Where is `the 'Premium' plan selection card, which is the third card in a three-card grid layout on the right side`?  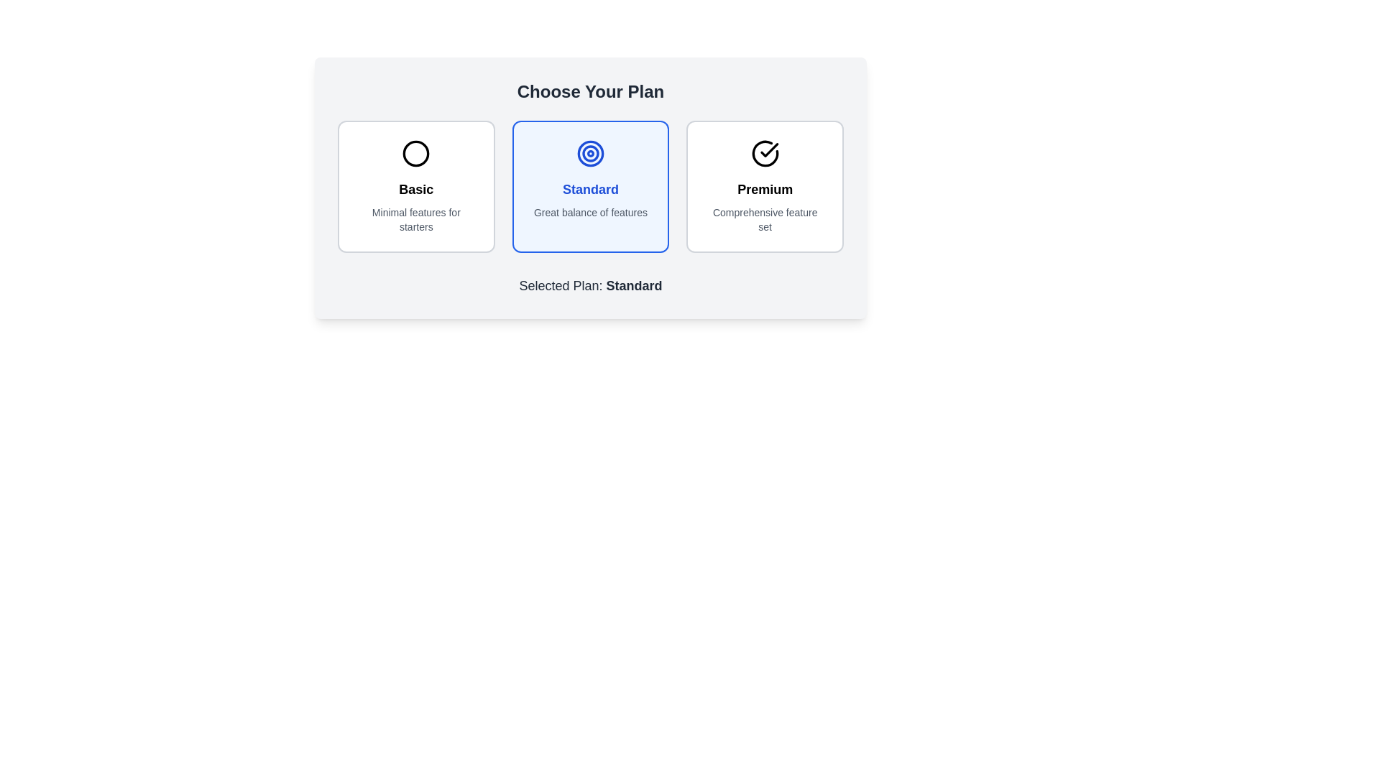
the 'Premium' plan selection card, which is the third card in a three-card grid layout on the right side is located at coordinates (764, 185).